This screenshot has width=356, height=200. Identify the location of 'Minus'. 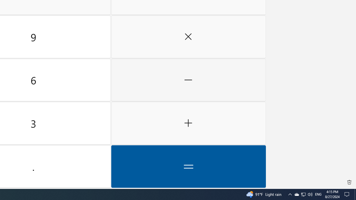
(188, 80).